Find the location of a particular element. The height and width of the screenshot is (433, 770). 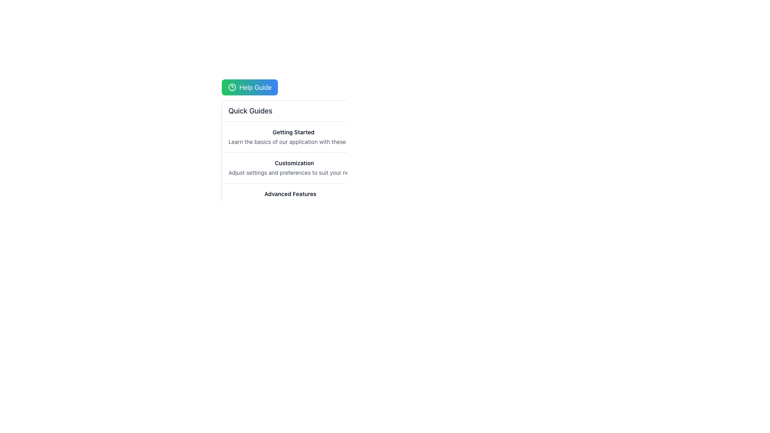

the Text Label providing supplementary information about the 'Getting Started' section, located below the 'Getting Started' text within the 'Quick Guides' section is located at coordinates (293, 142).